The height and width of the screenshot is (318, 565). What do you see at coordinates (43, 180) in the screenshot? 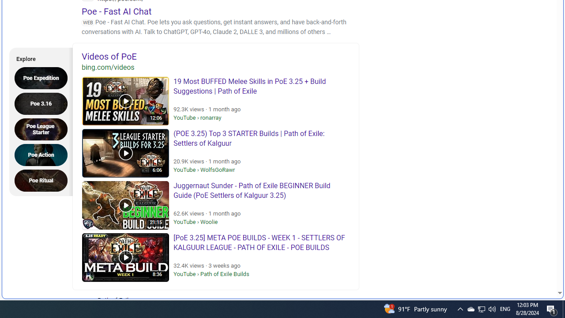
I see `'Poe Ritual'` at bounding box center [43, 180].